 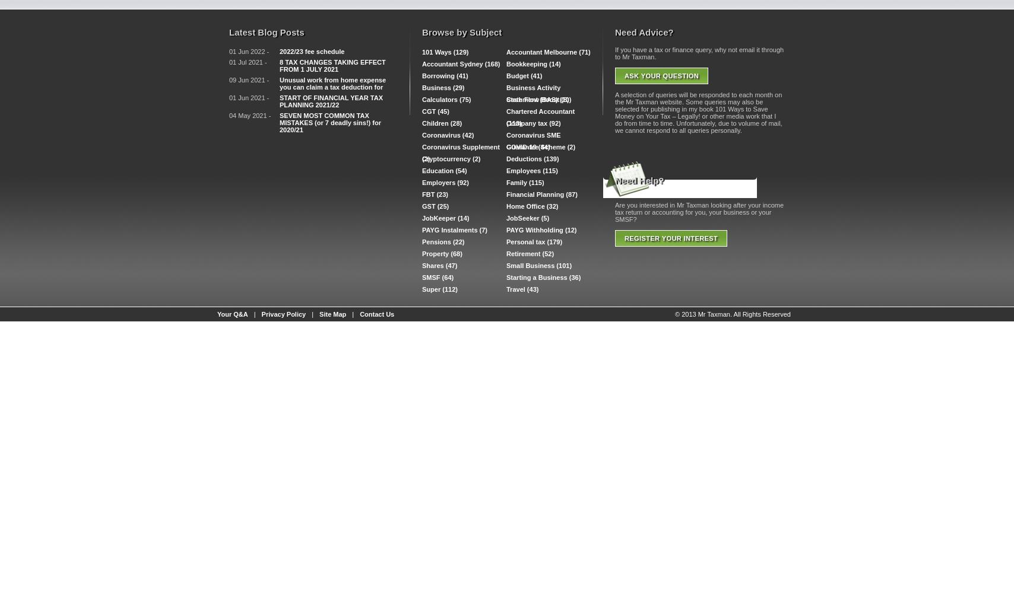 I want to click on '© 2013 Mr Taxman. All Rights Reserved', so click(x=733, y=314).